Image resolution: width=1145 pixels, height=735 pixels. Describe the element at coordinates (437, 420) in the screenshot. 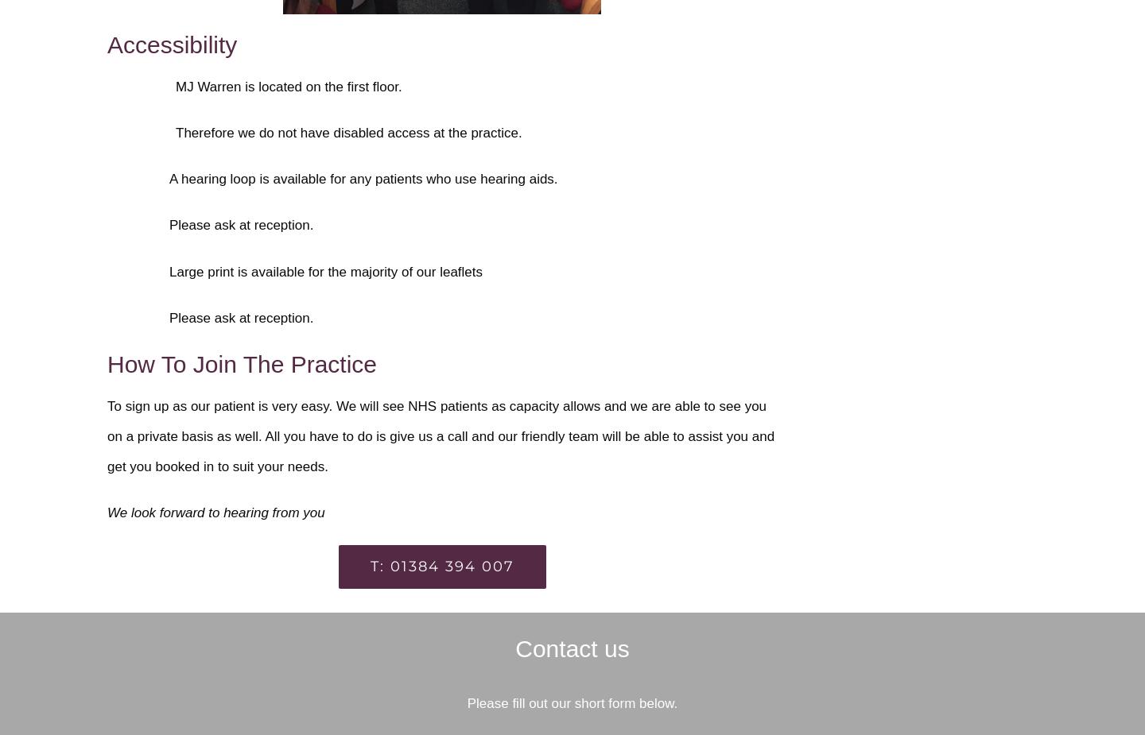

I see `'as capacity allows and we are able to see you on a private basis as well. All you have to do is give us a call and our'` at that location.